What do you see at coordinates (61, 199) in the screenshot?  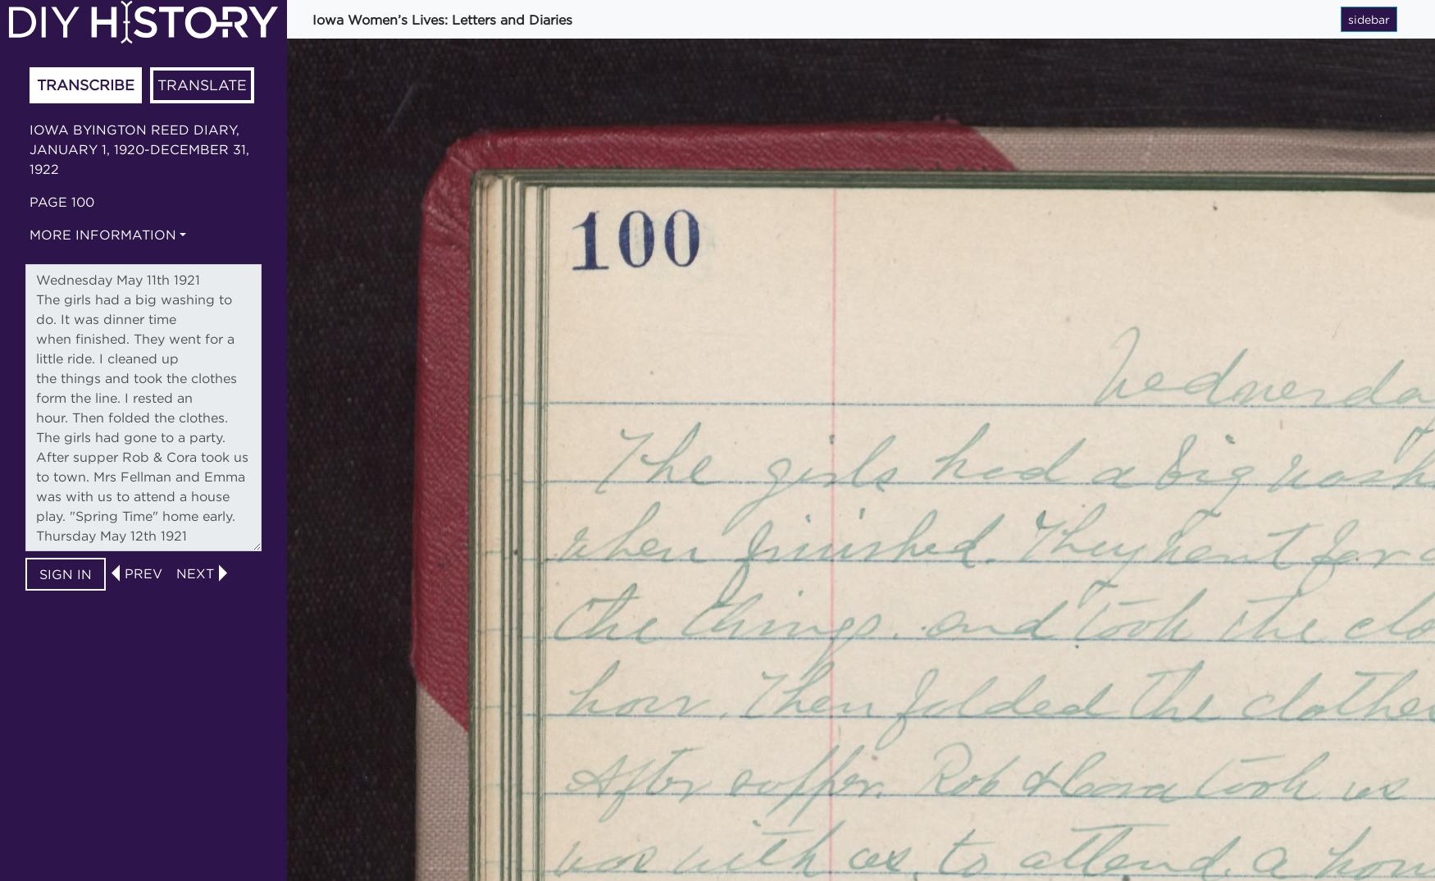 I see `'Page 100'` at bounding box center [61, 199].